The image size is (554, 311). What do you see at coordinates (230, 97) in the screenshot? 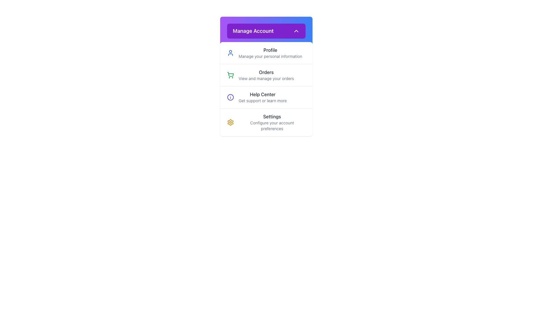
I see `the SVG Circle Element representing the Help Center option, which is positioned beside the Help Center label in the third row of the menu` at bounding box center [230, 97].